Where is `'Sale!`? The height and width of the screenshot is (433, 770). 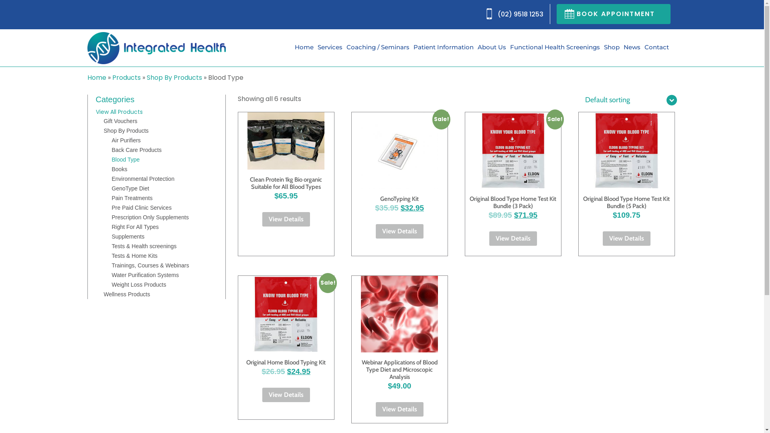
'Sale! is located at coordinates (286, 337).